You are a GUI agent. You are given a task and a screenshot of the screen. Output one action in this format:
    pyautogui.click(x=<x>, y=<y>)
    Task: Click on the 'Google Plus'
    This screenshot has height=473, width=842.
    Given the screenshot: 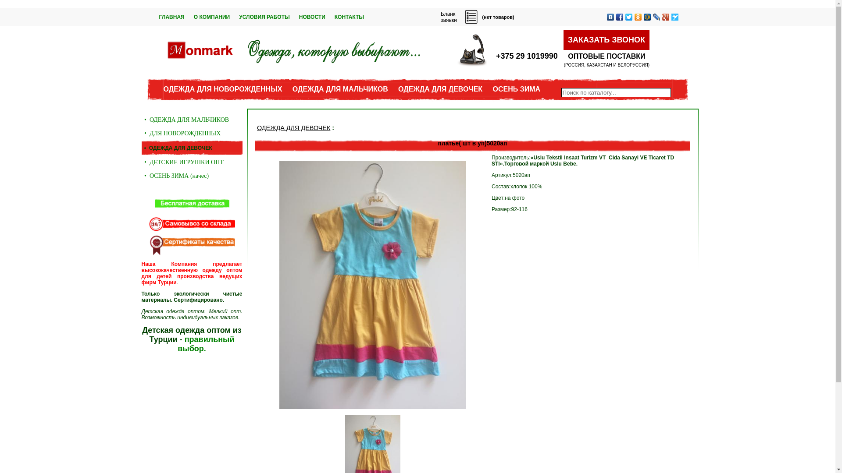 What is the action you would take?
    pyautogui.click(x=666, y=17)
    